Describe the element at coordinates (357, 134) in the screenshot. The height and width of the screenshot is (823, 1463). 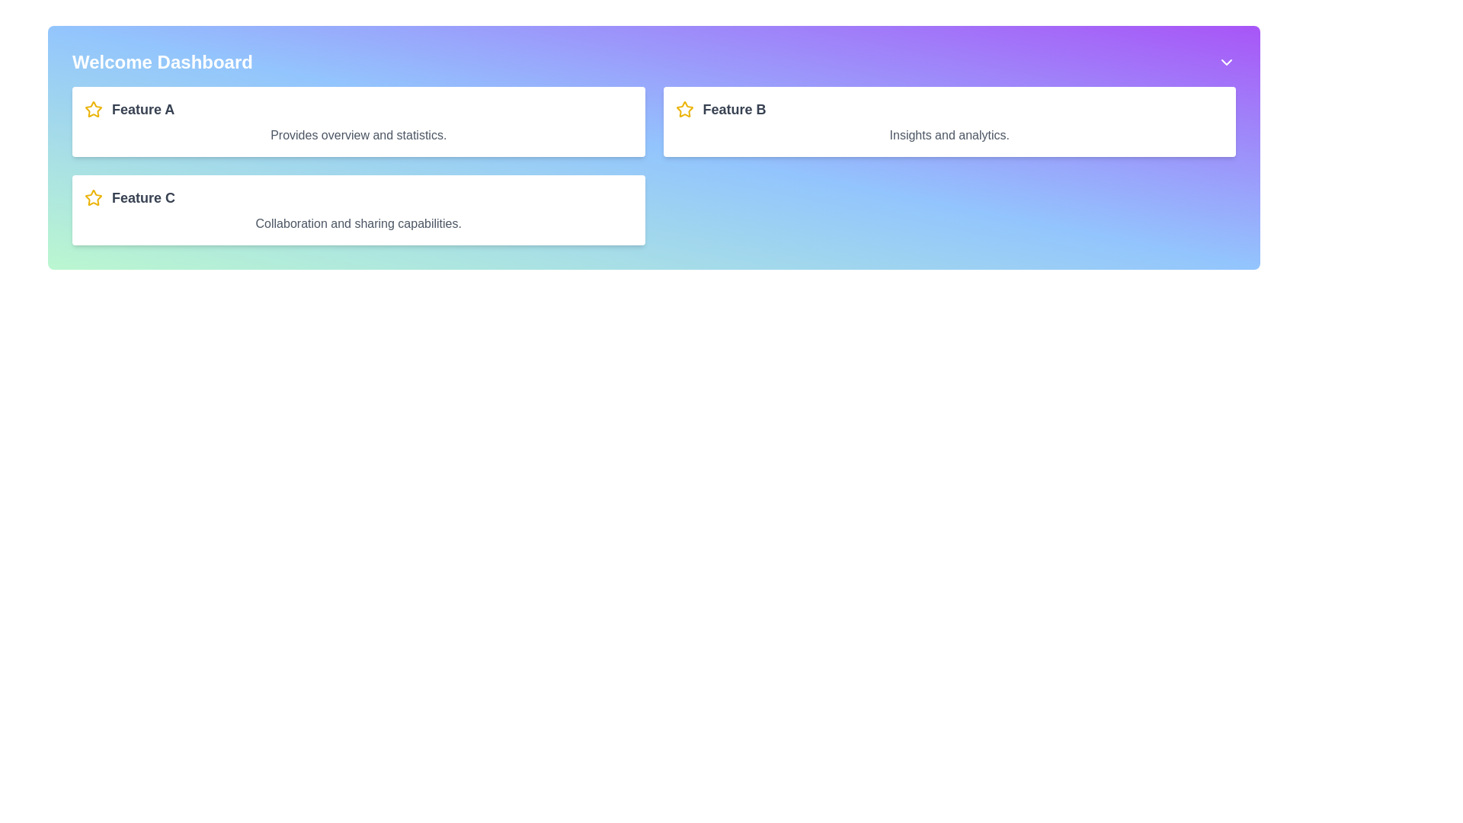
I see `the static text element that provides a brief description of 'Feature A', located in the card-like structure under the feature's title and icon` at that location.